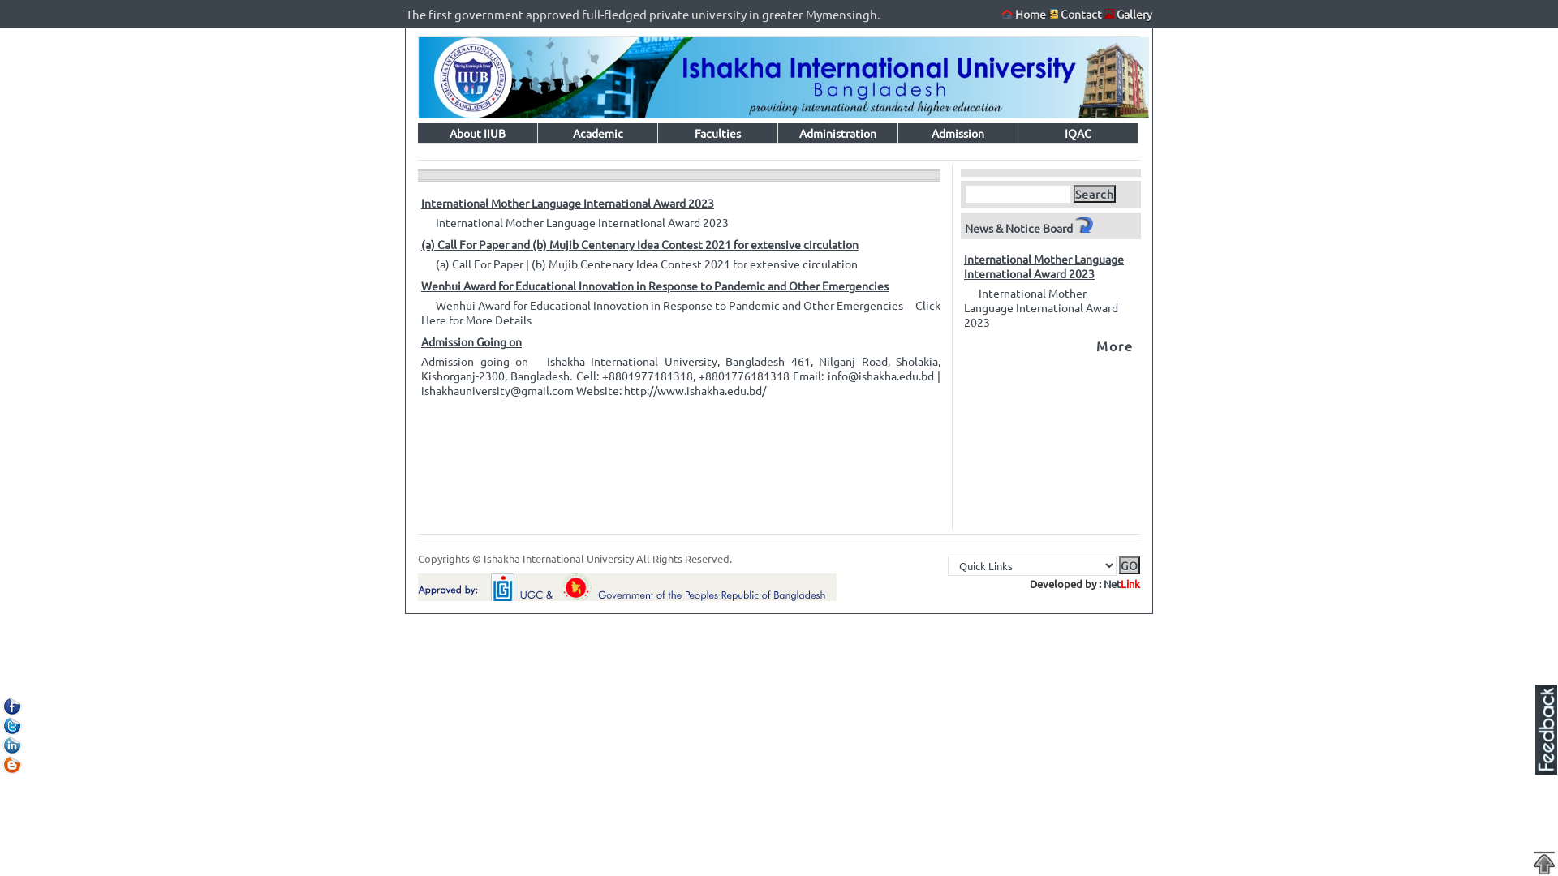 The image size is (1558, 876). Describe the element at coordinates (1094, 193) in the screenshot. I see `'Search'` at that location.